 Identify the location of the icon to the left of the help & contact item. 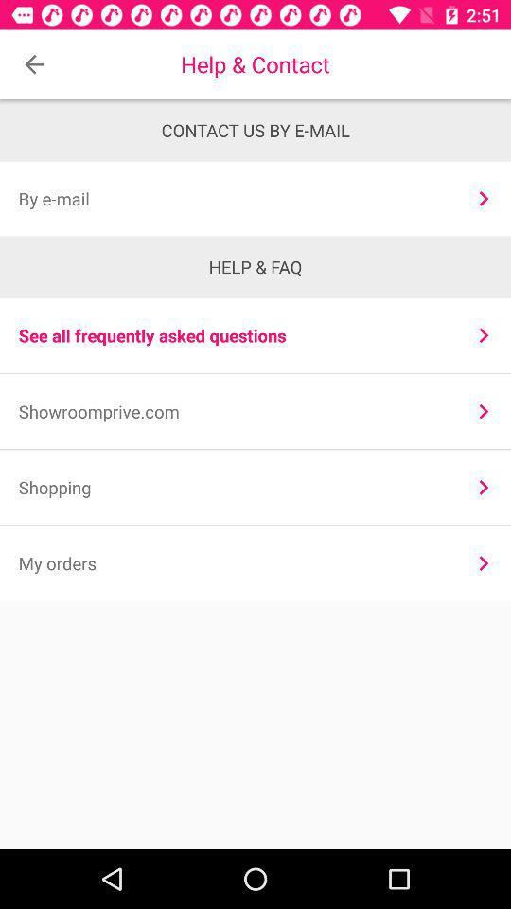
(34, 64).